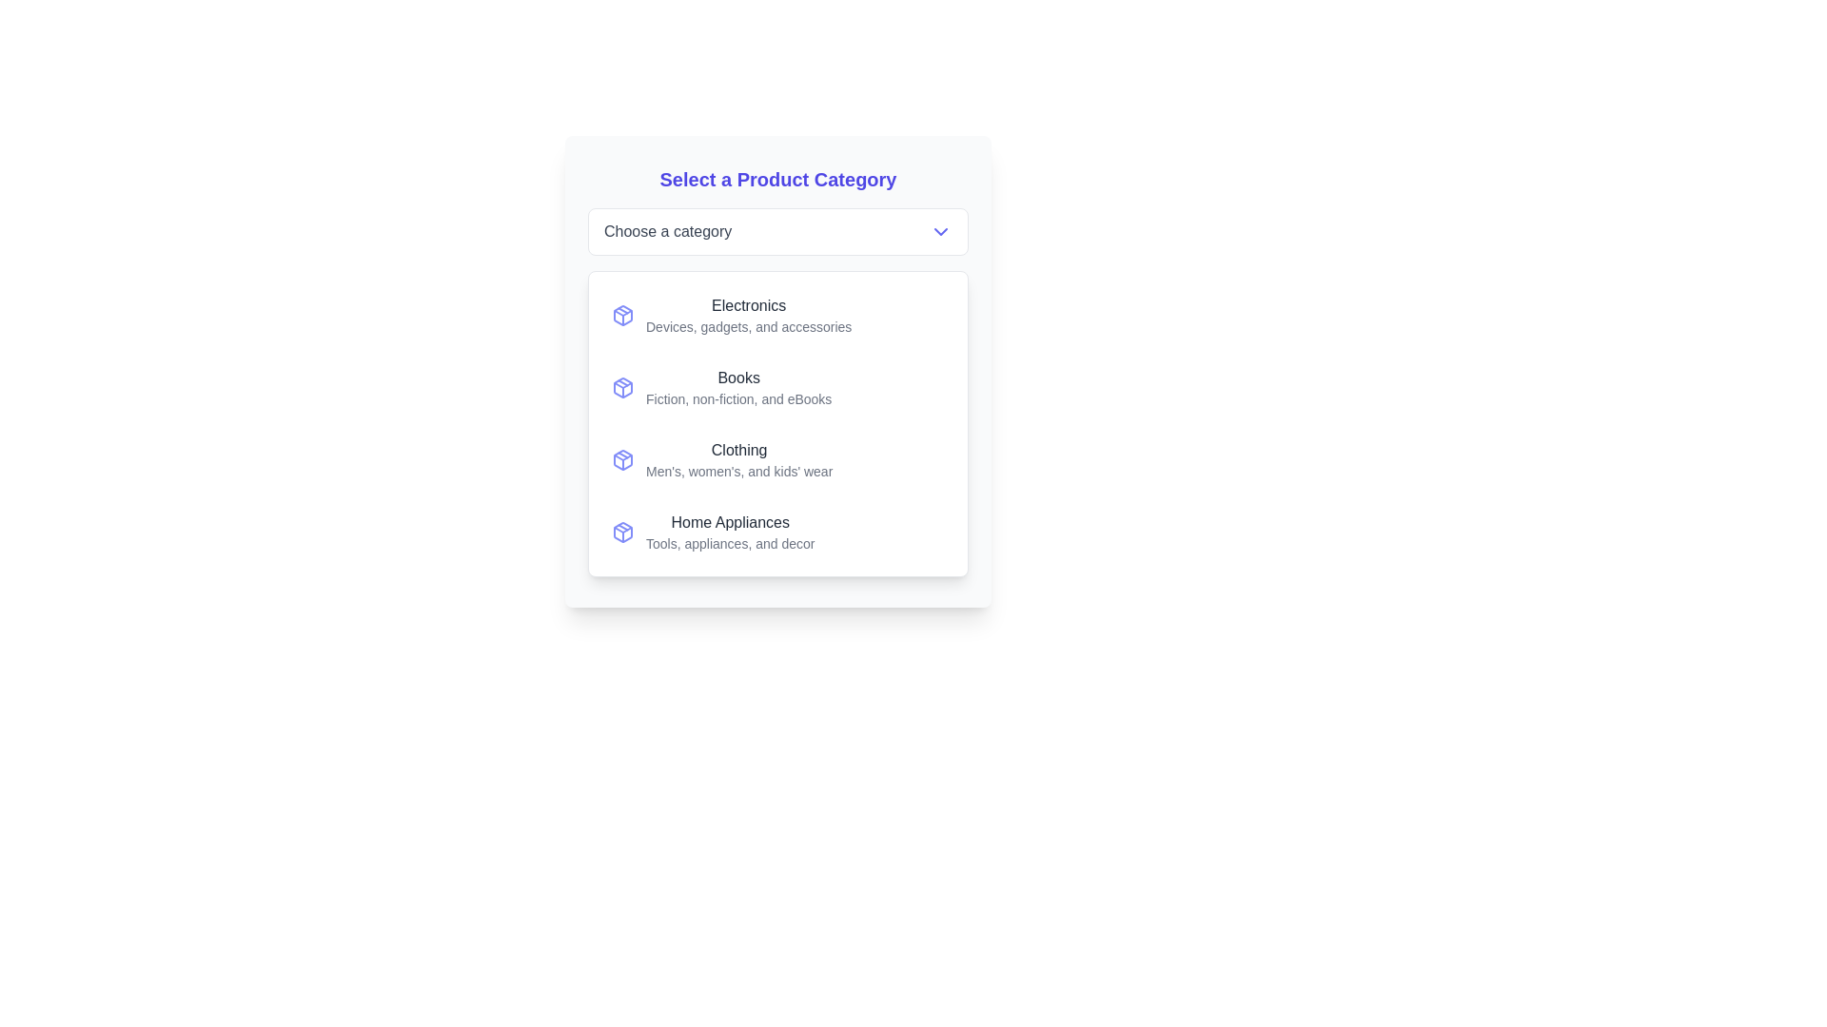  What do you see at coordinates (738, 459) in the screenshot?
I see `the 'Clothing' category selection option in the list of product categories within the card interface titled 'Select a Product Category'` at bounding box center [738, 459].